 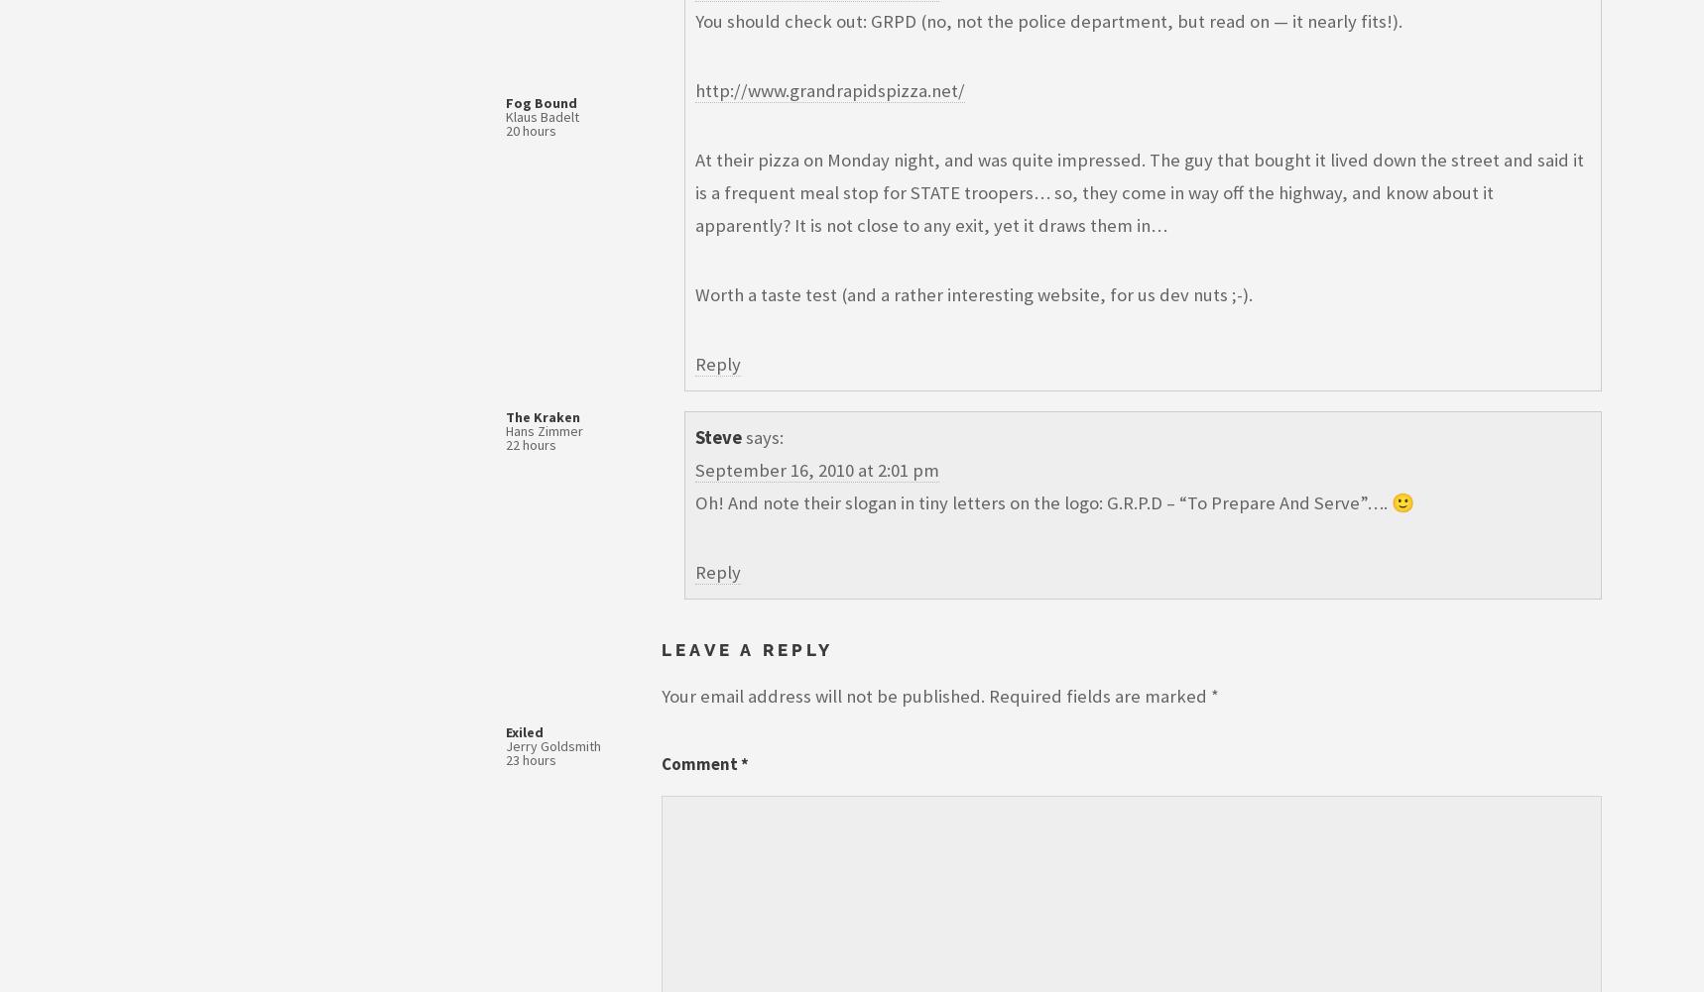 What do you see at coordinates (530, 445) in the screenshot?
I see `'22 hours'` at bounding box center [530, 445].